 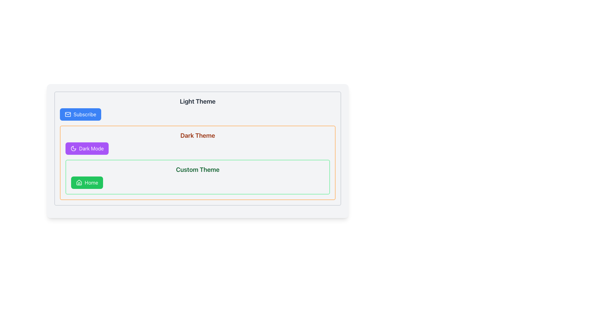 I want to click on the house-like icon with a green background, which is part of the 'Custom Theme' group and is styled as an SVG with the class 'lucide lucide-house', so click(x=79, y=182).